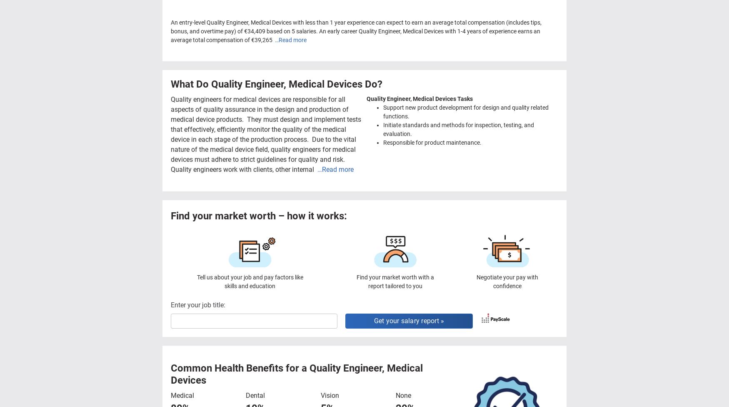 Image resolution: width=729 pixels, height=407 pixels. I want to click on 'Quality engineers for medical devices are responsible for all aspects of quality assurance in the design and production of medical device products.  They must design and implement tests that effectively, efficiently monitor the quality of the medical device in each stage of the production process.  Due to the vital nature of the medical device field, quality engineers for medical devices must adhere to strict guidelines for quality and risk. Quality engineers work with clients, other internal', so click(266, 134).